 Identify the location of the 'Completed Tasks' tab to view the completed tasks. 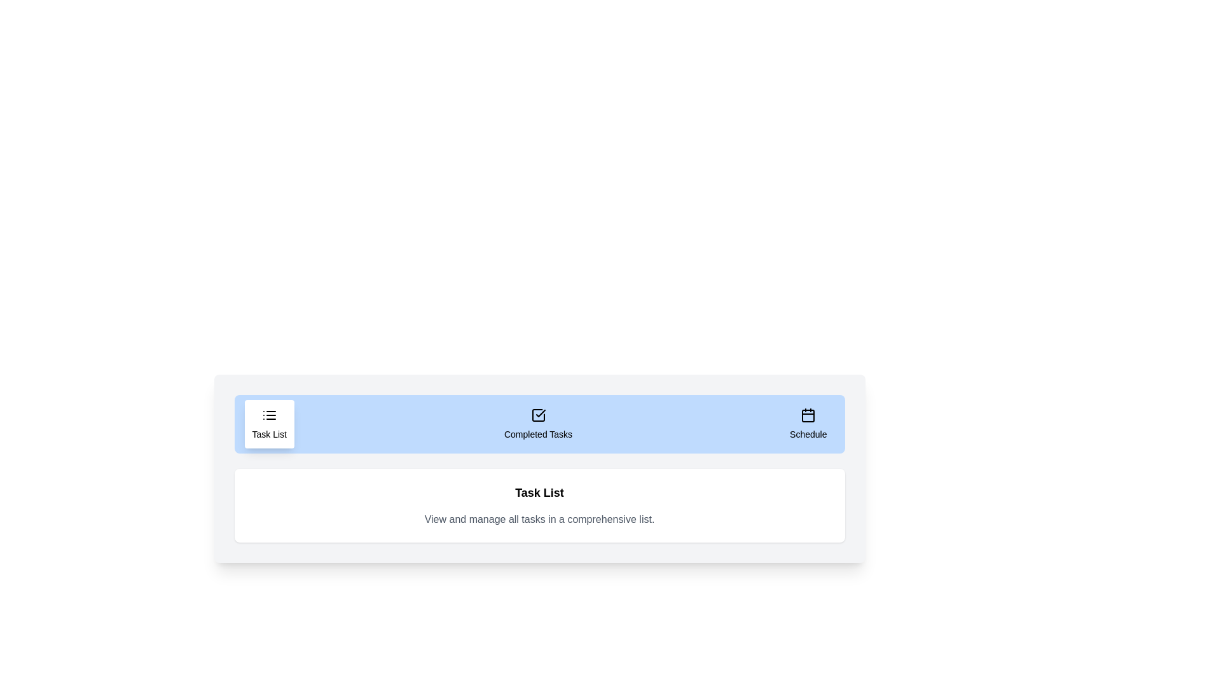
(538, 424).